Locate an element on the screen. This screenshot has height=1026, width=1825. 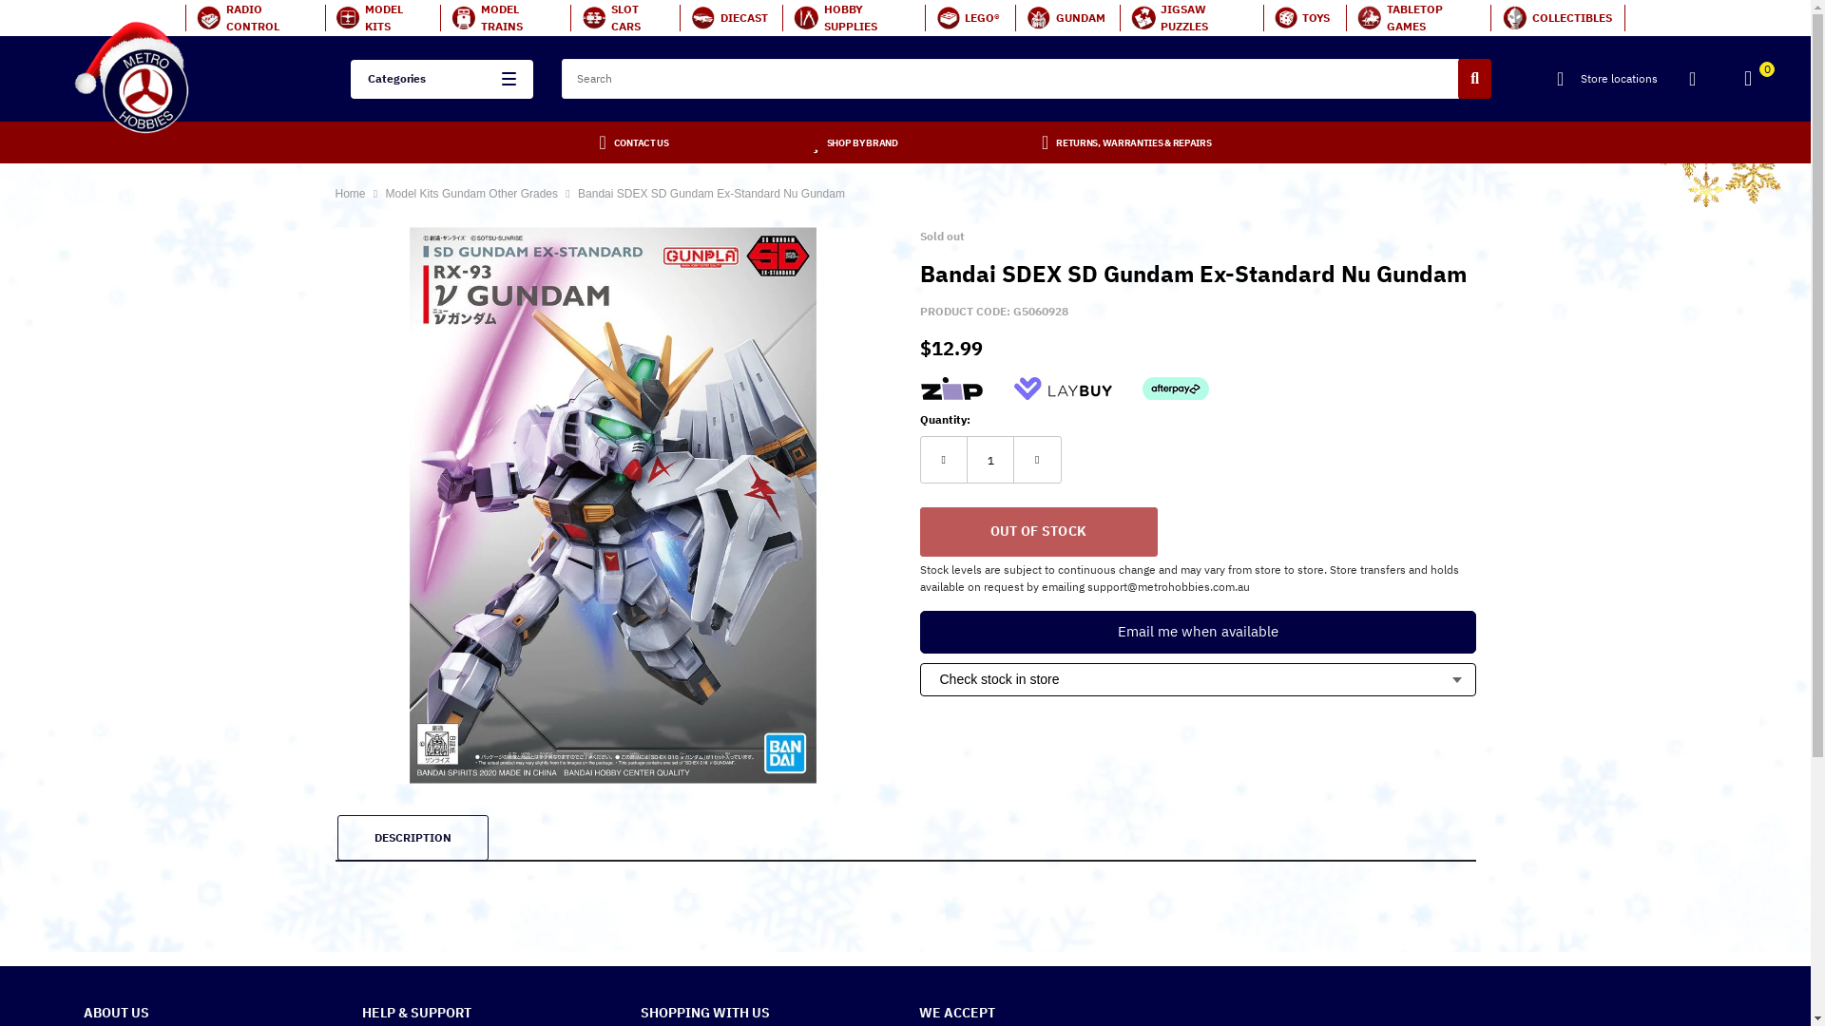
'TOYS' is located at coordinates (1263, 18).